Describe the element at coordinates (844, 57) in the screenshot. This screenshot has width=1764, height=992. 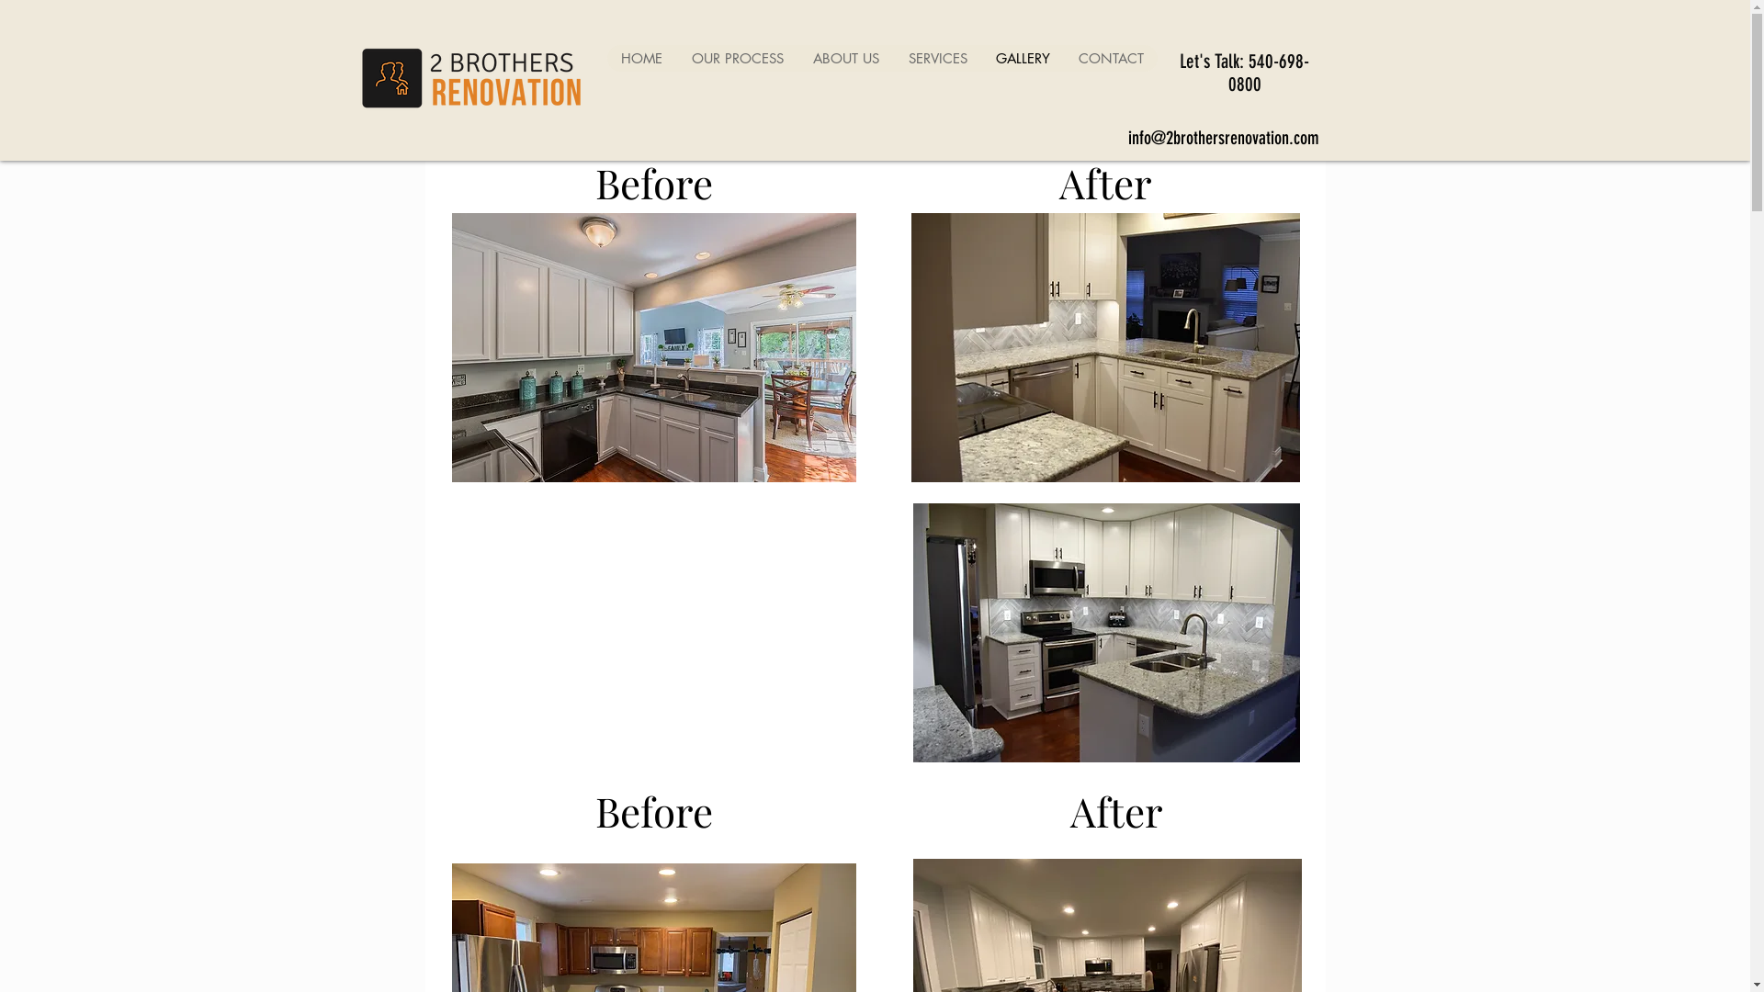
I see `'ABOUT US'` at that location.